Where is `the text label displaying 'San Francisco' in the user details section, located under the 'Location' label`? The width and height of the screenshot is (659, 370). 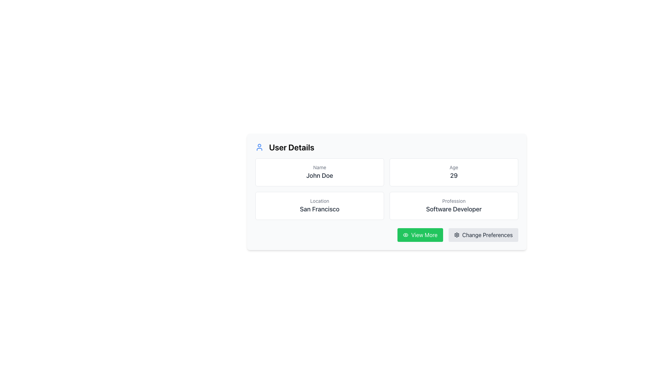 the text label displaying 'San Francisco' in the user details section, located under the 'Location' label is located at coordinates (319, 209).